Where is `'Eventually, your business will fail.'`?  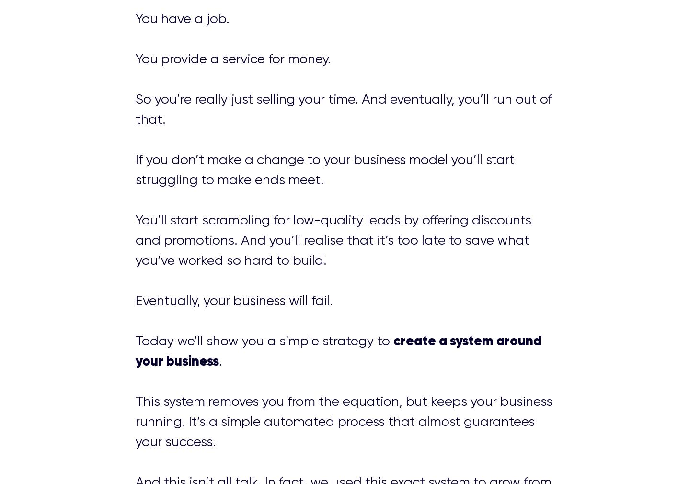 'Eventually, your business will fail.' is located at coordinates (134, 300).